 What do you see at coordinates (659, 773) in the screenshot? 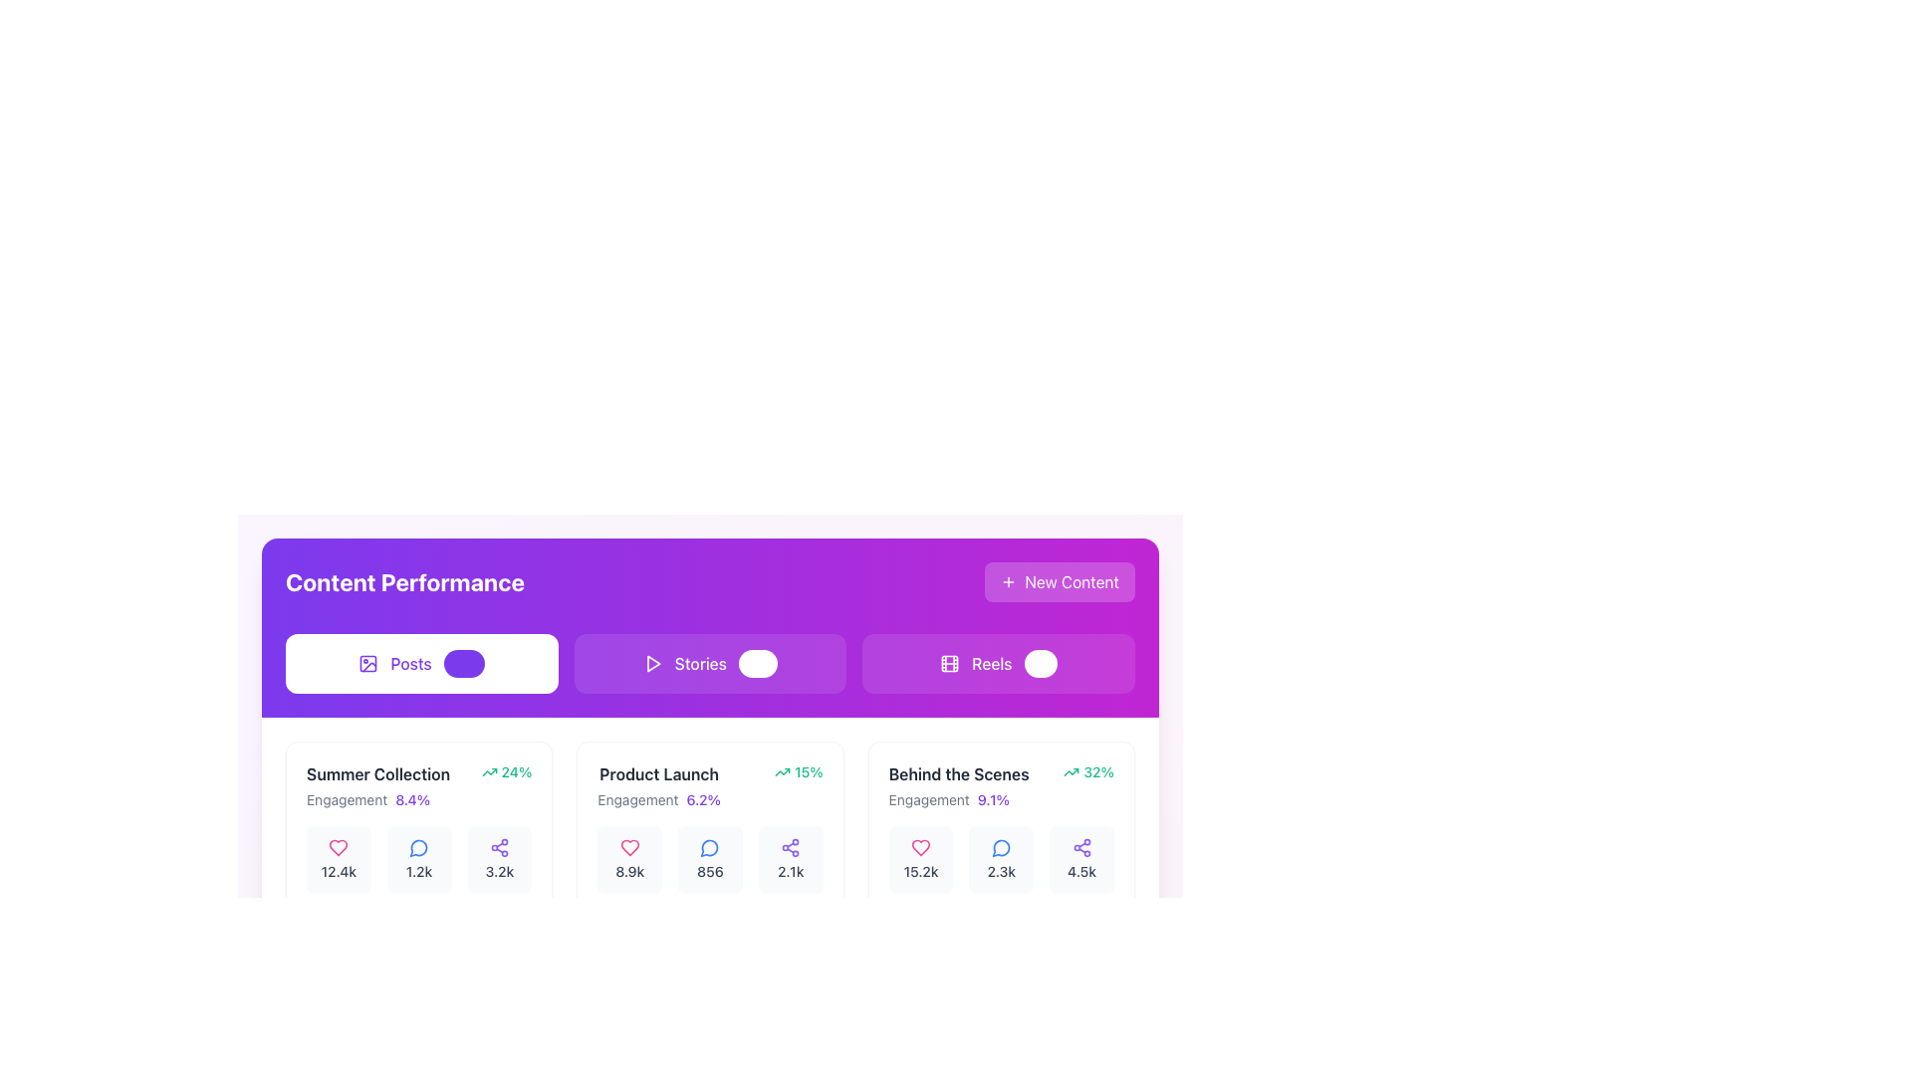
I see `the 'Product Launch' text display, which is in bold grayish font at the top of its card layout, emphasizing its importance among other campaign entries` at bounding box center [659, 773].